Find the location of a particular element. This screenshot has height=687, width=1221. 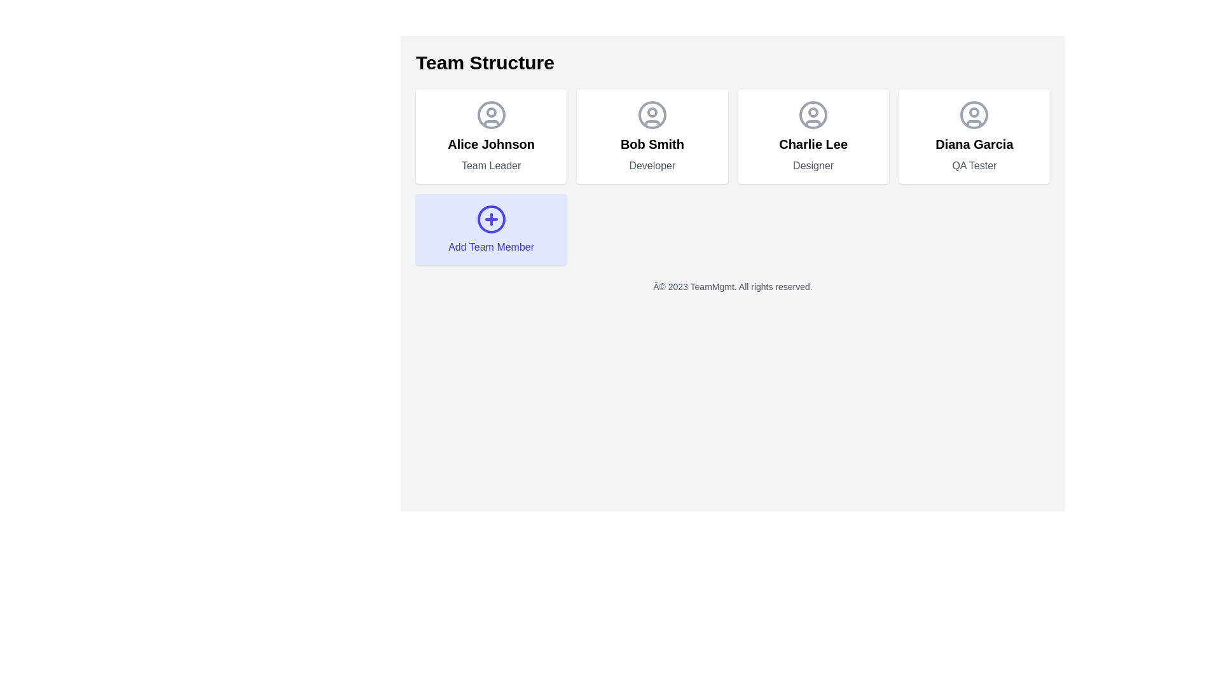

the Text Label indicating the job title 'Bob Smith' located at the bottom of the second card in the top row of the grid layout is located at coordinates (652, 165).